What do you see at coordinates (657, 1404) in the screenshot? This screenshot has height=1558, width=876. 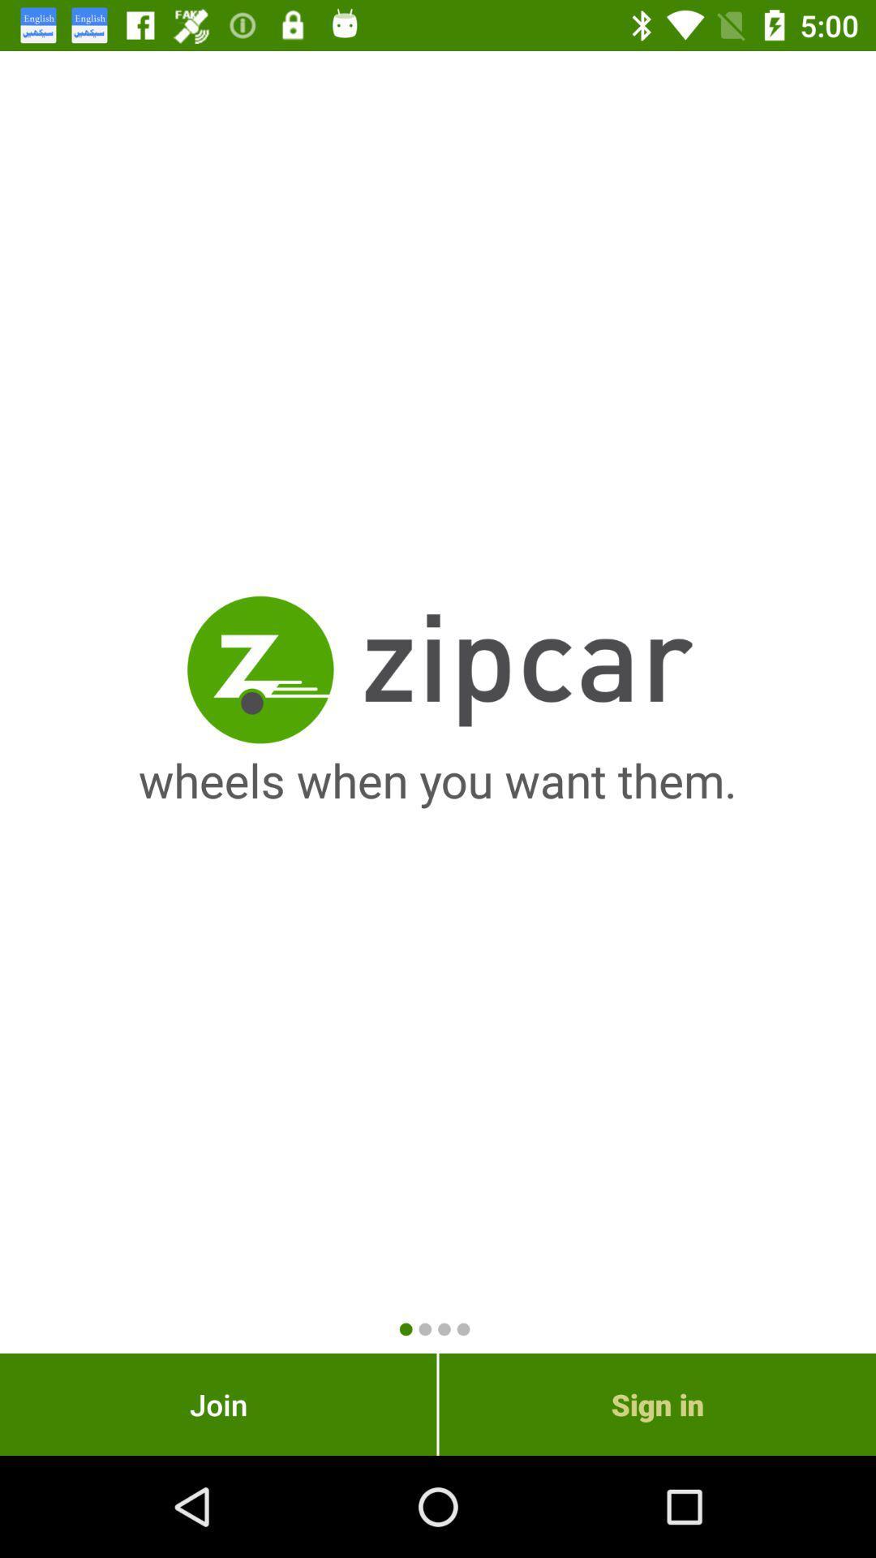 I see `sign in` at bounding box center [657, 1404].